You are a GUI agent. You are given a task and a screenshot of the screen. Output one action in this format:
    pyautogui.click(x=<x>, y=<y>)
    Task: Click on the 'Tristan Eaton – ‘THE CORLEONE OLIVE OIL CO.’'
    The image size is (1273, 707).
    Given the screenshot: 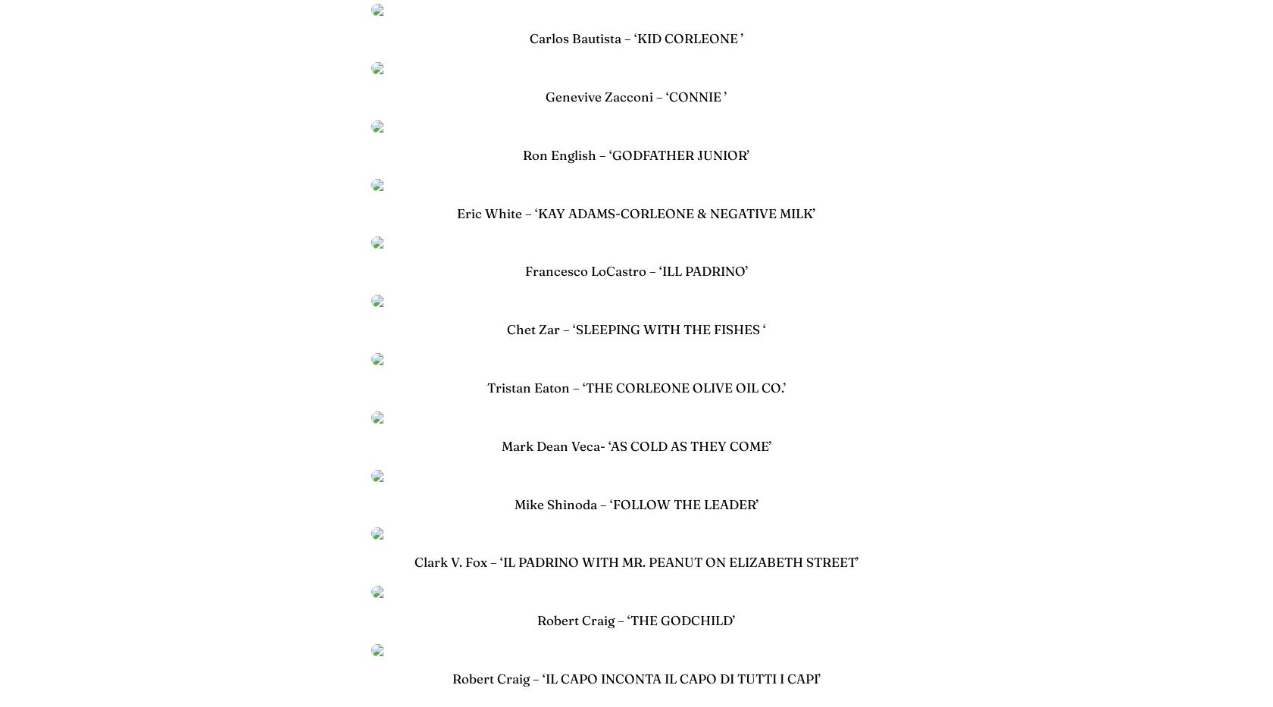 What is the action you would take?
    pyautogui.click(x=636, y=387)
    